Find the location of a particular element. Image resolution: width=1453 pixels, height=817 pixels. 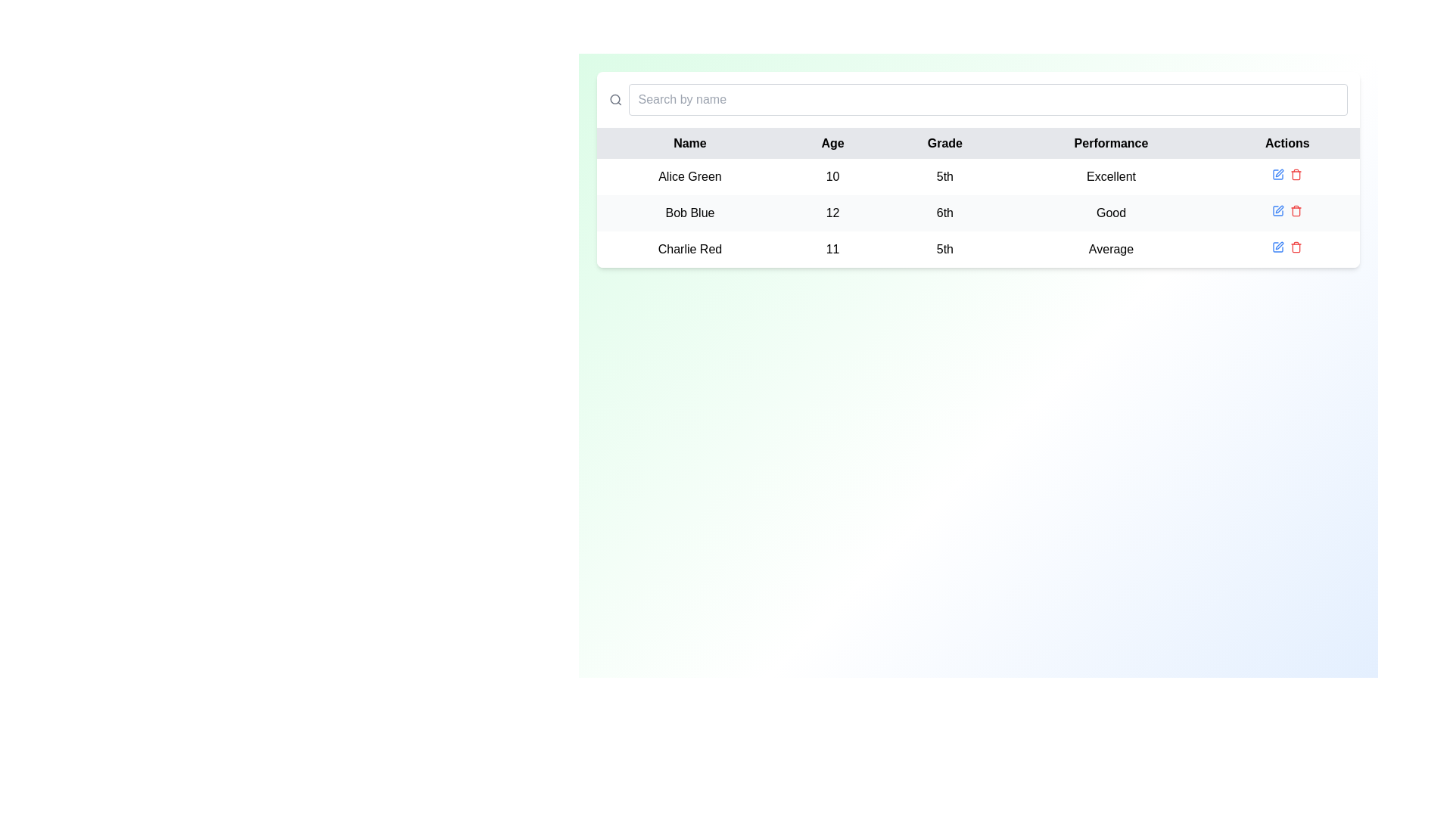

text content of the table header labeled 'Age', which is the second column header in a row of headers is located at coordinates (832, 143).